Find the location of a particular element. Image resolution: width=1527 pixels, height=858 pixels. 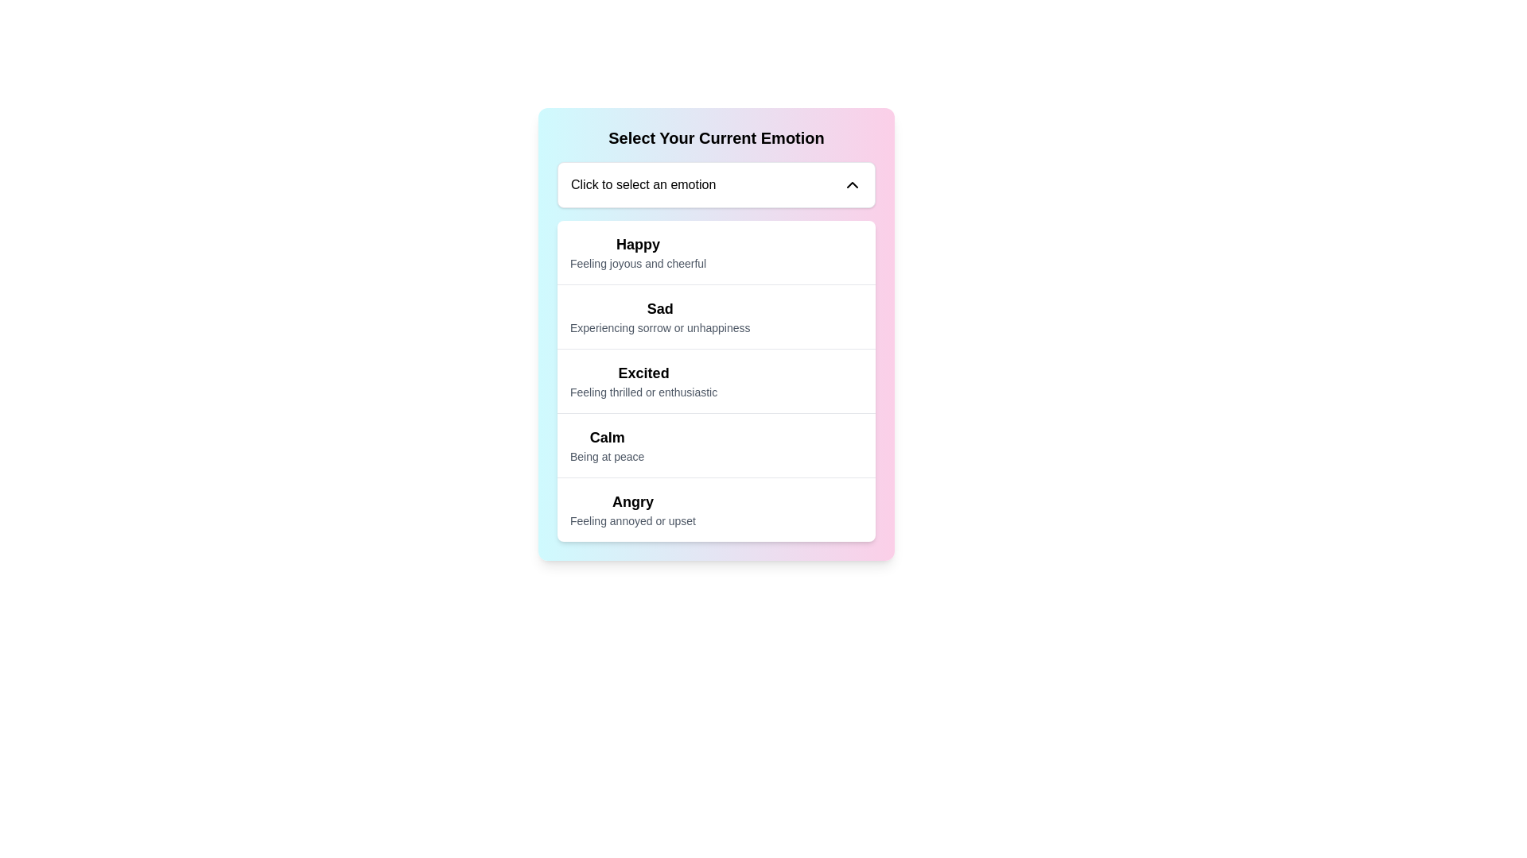

the selectable list item displaying the title 'Sad' and the subtitle 'Experiencing sorrow or unhappiness', which is the second option in the list of emotional states is located at coordinates (716, 316).